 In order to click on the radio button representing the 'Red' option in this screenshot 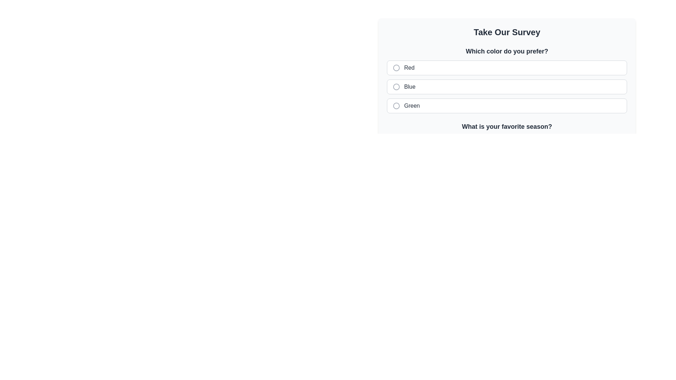, I will do `click(396, 68)`.